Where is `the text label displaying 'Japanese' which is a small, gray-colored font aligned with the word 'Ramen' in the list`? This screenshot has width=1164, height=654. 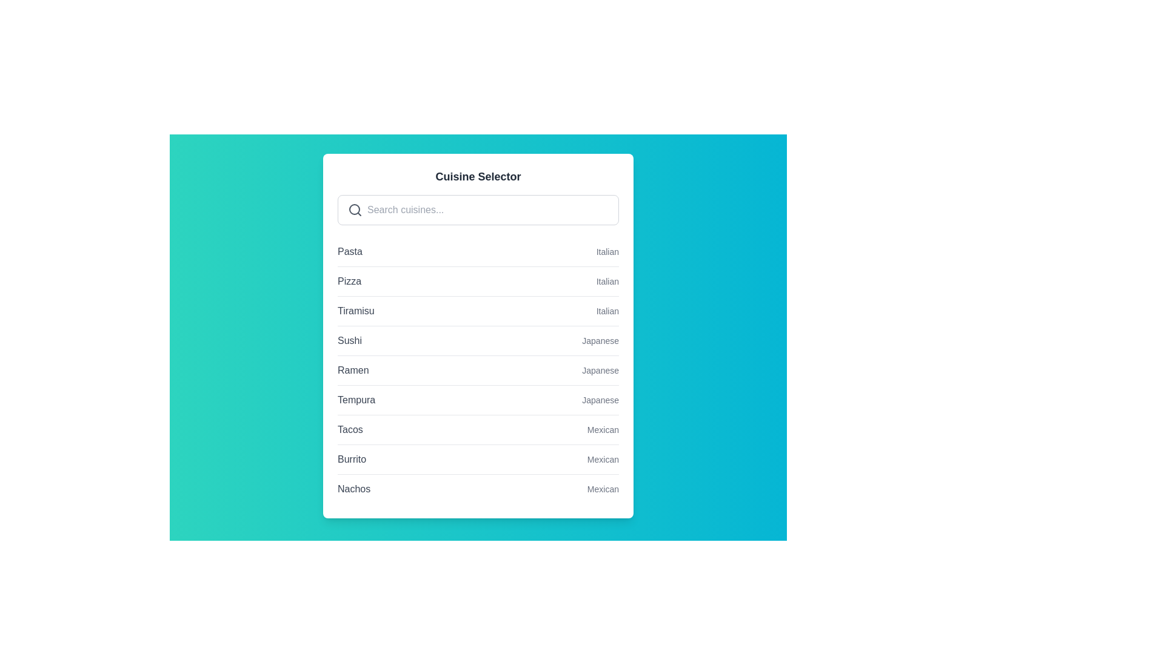
the text label displaying 'Japanese' which is a small, gray-colored font aligned with the word 'Ramen' in the list is located at coordinates (600, 370).